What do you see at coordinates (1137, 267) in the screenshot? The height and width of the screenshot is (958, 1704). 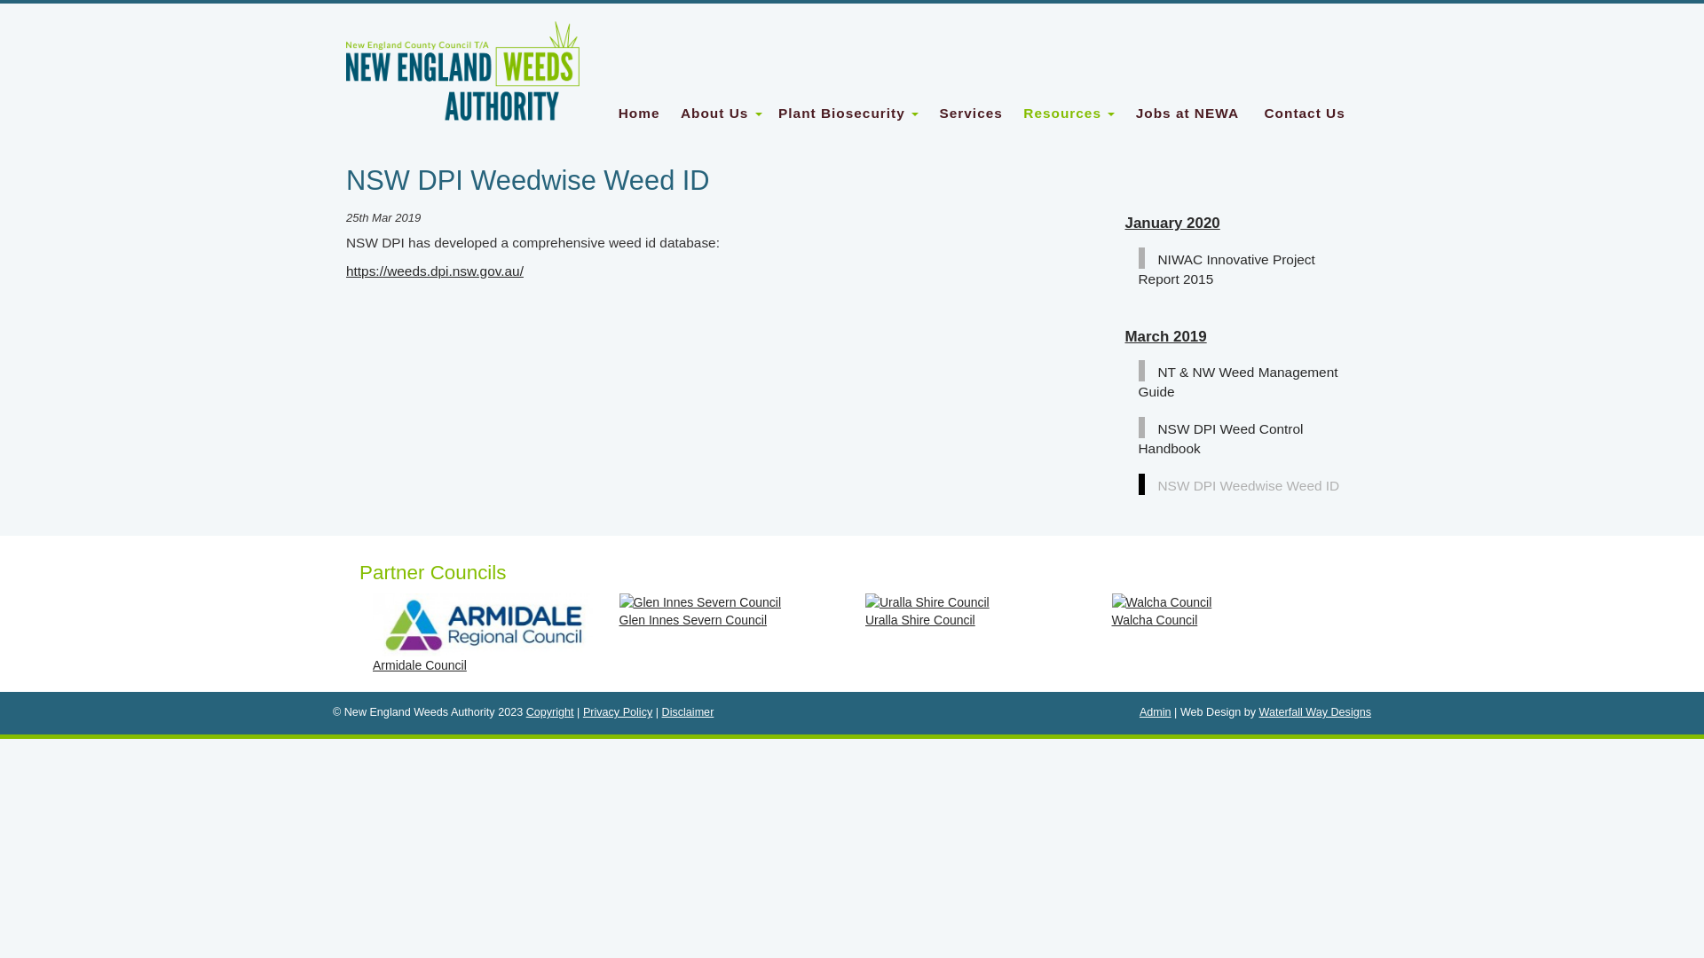 I see `'NIWAC Innovative Project Report 2015'` at bounding box center [1137, 267].